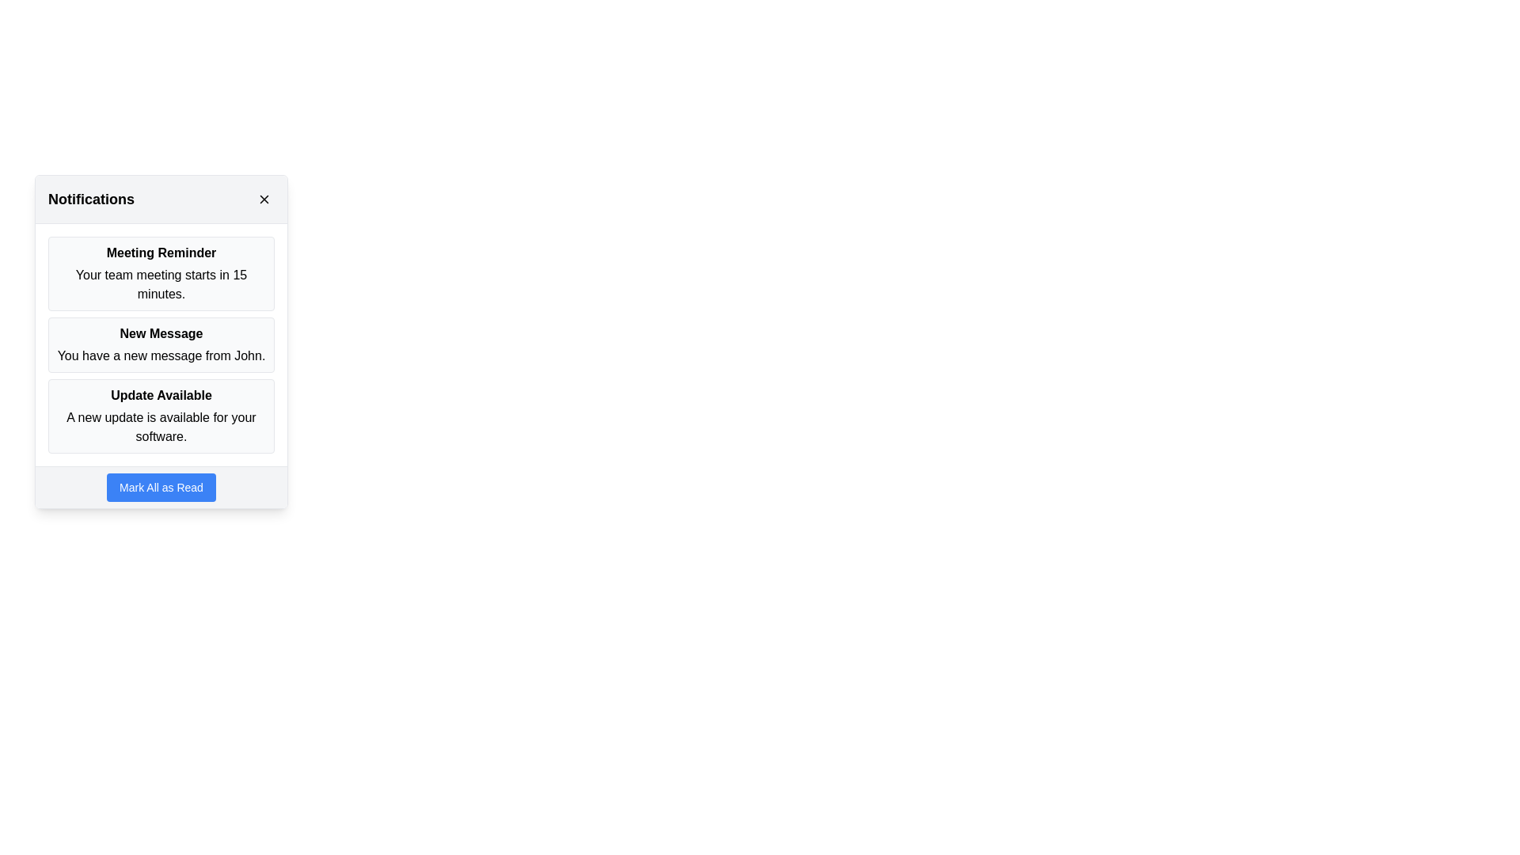 The height and width of the screenshot is (855, 1520). What do you see at coordinates (161, 283) in the screenshot?
I see `the notification message about the upcoming team meeting located beneath the 'Meeting Reminder' heading in the Notifications panel` at bounding box center [161, 283].